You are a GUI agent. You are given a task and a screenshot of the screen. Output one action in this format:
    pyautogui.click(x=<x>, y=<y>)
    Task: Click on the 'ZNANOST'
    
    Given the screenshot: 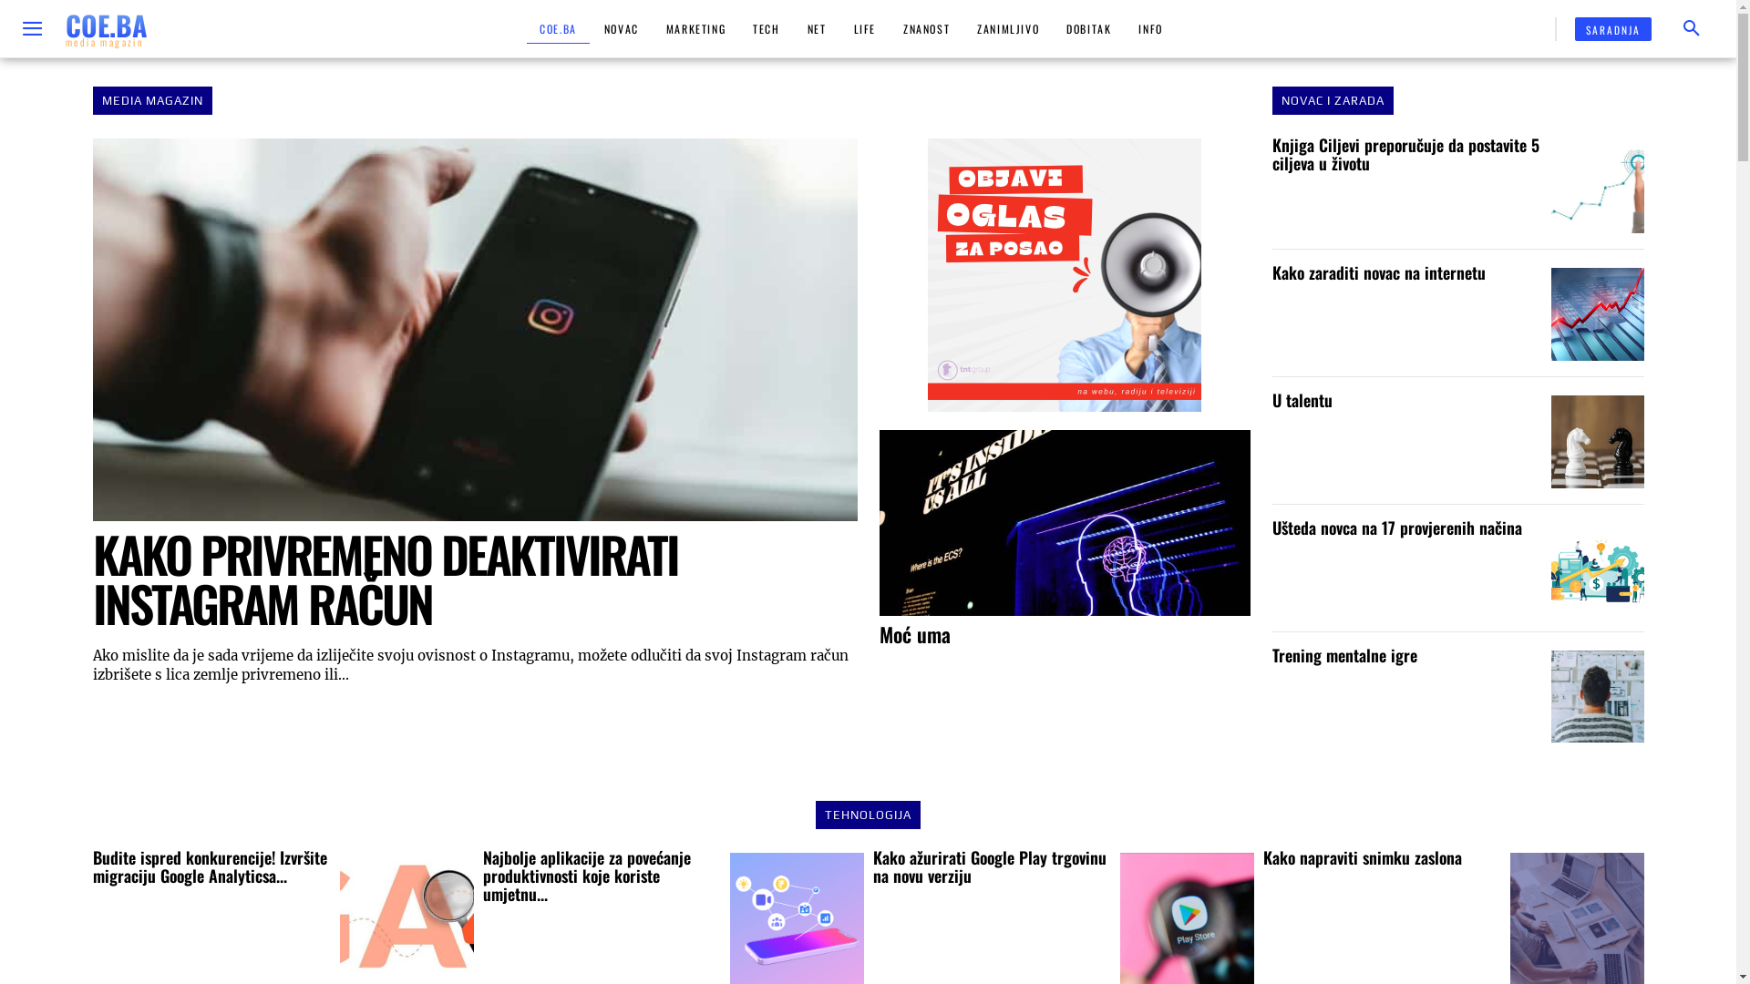 What is the action you would take?
    pyautogui.click(x=890, y=28)
    